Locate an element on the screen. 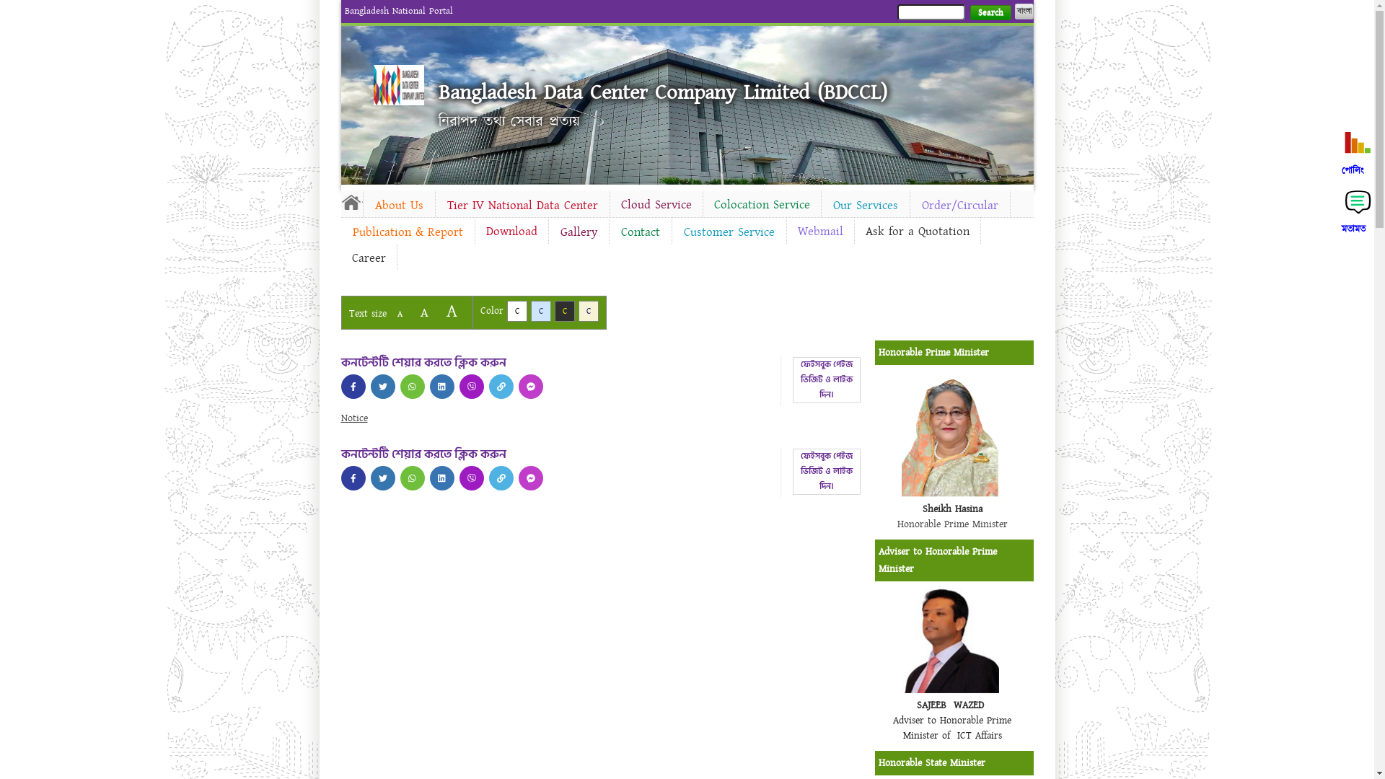  'Tier IV National Data Center' is located at coordinates (522, 206).